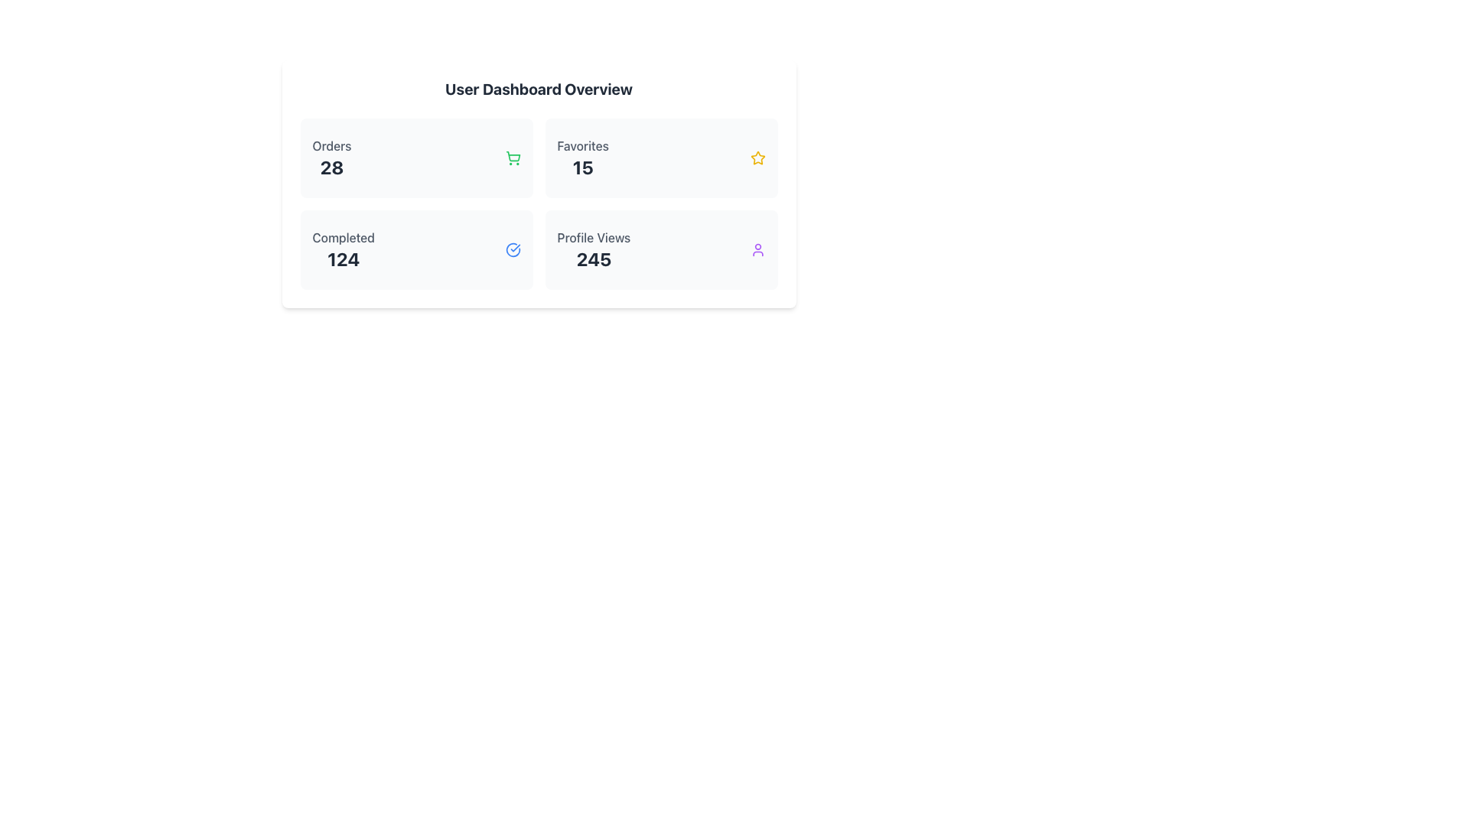  Describe the element at coordinates (593, 238) in the screenshot. I see `the label that clarifies the meaning of the numerical value '245', which represents the number of profile views, located in the second row, last column of a 2x2 grid structure` at that location.